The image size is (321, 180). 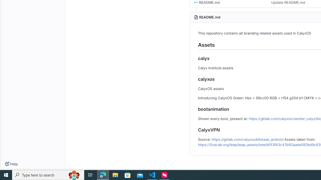 What do you see at coordinates (247, 139) in the screenshot?
I see `'https://gitlab.com/calyxos/bitmask_android'` at bounding box center [247, 139].